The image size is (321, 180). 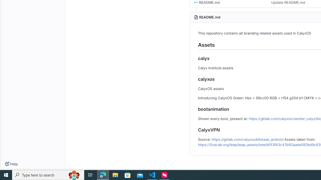 What do you see at coordinates (247, 139) in the screenshot?
I see `'https://gitlab.com/calyxos/bitmask_android'` at bounding box center [247, 139].